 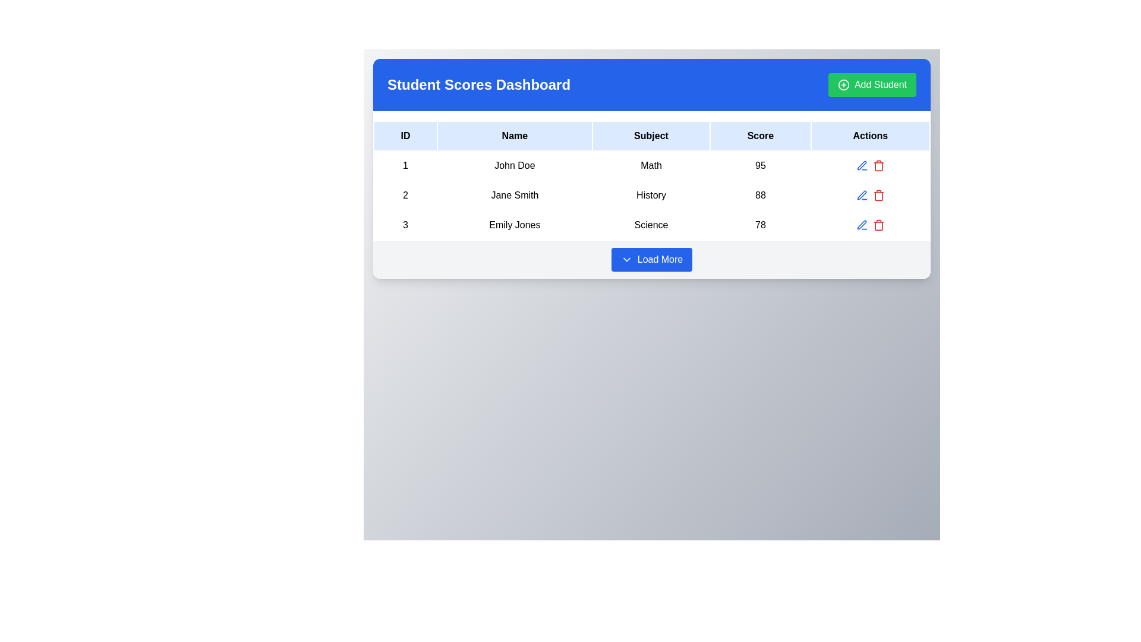 What do you see at coordinates (405, 165) in the screenshot?
I see `the table cell in the first row and first column under the 'ID' header` at bounding box center [405, 165].